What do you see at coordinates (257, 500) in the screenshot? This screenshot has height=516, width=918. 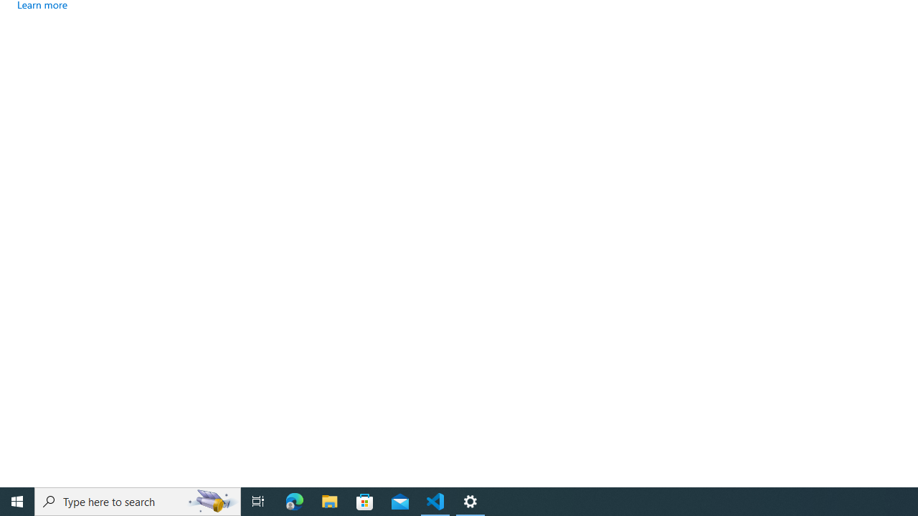 I see `'Task View'` at bounding box center [257, 500].